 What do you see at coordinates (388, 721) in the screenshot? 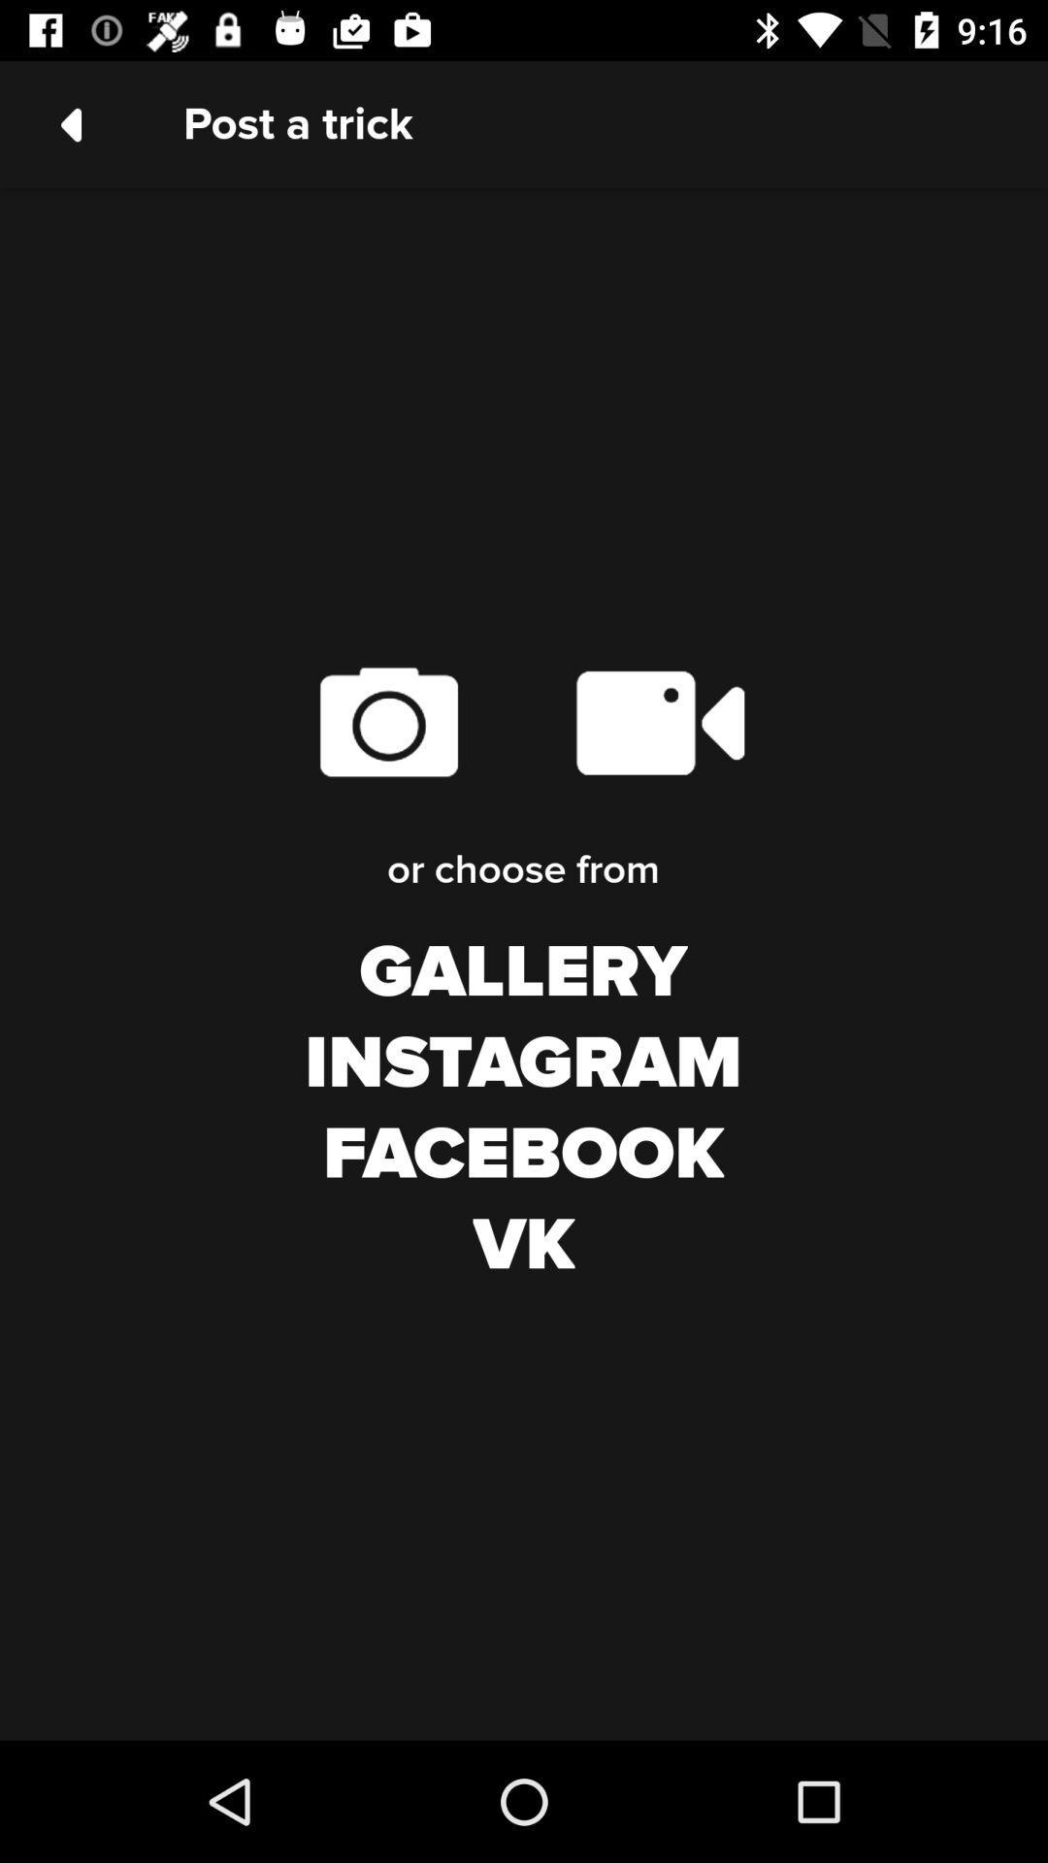
I see `take a picture` at bounding box center [388, 721].